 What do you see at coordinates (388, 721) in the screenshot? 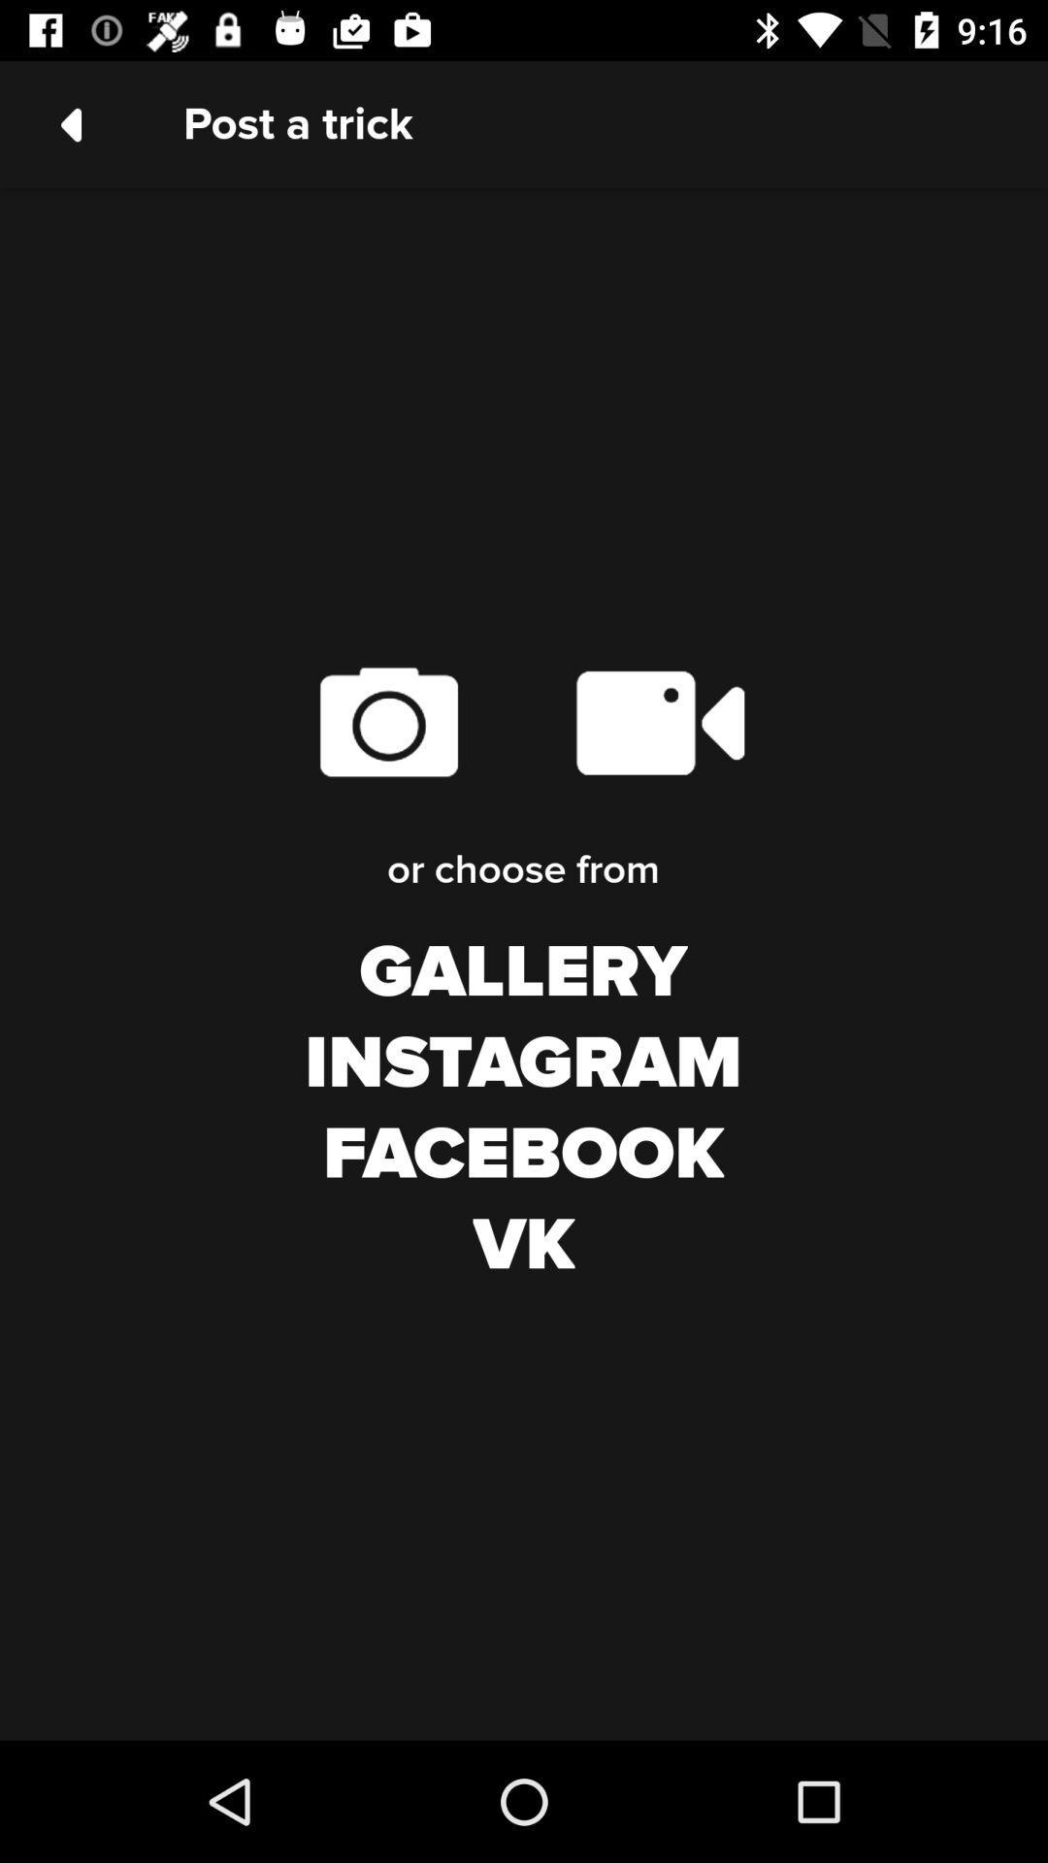
I see `take a picture` at bounding box center [388, 721].